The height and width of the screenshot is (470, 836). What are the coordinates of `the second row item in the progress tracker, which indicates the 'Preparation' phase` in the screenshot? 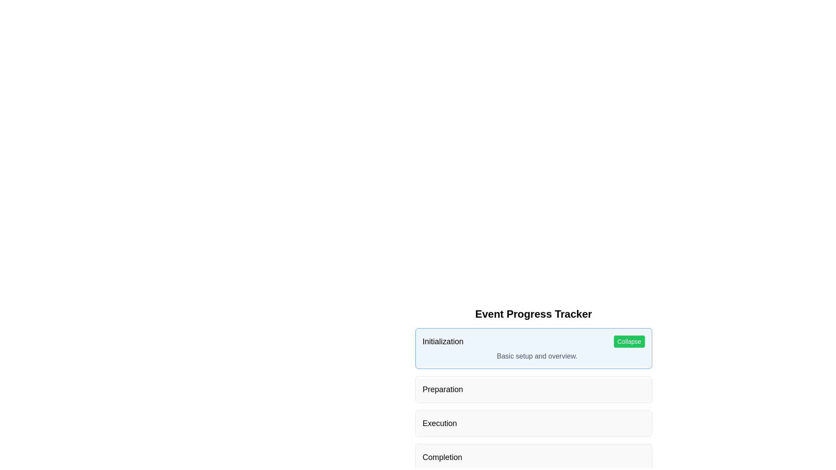 It's located at (533, 379).